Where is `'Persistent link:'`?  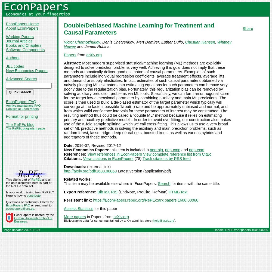
'Persistent link:' is located at coordinates (78, 200).